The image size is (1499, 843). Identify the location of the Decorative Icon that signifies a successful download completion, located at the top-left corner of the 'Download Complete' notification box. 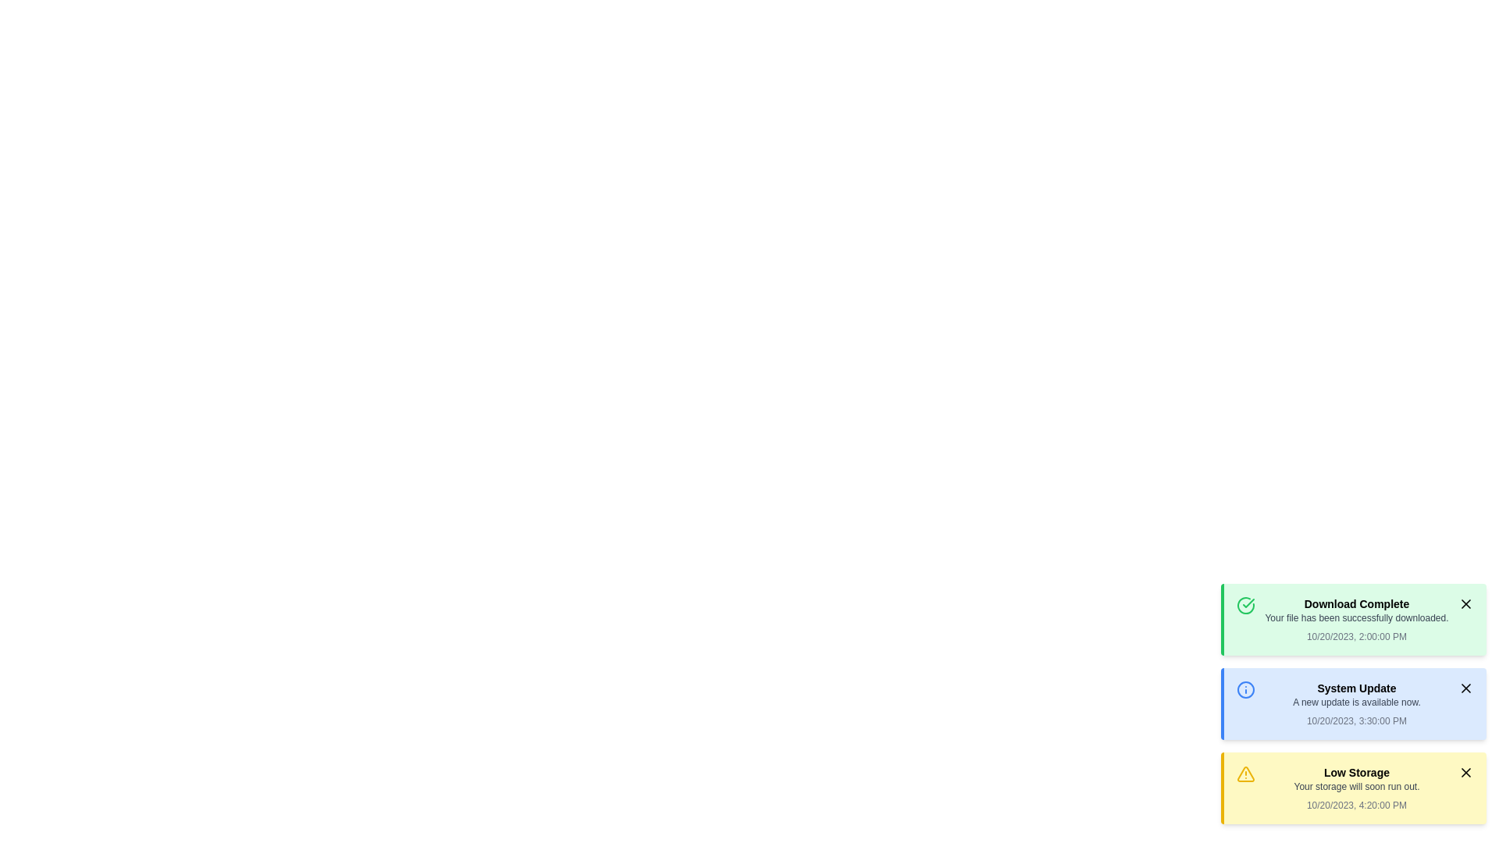
(1245, 604).